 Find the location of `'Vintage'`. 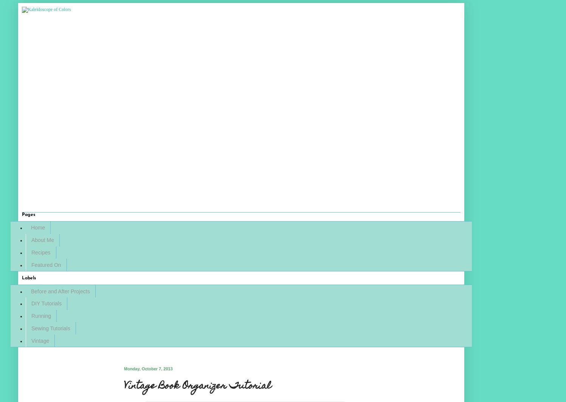

'Vintage' is located at coordinates (31, 340).